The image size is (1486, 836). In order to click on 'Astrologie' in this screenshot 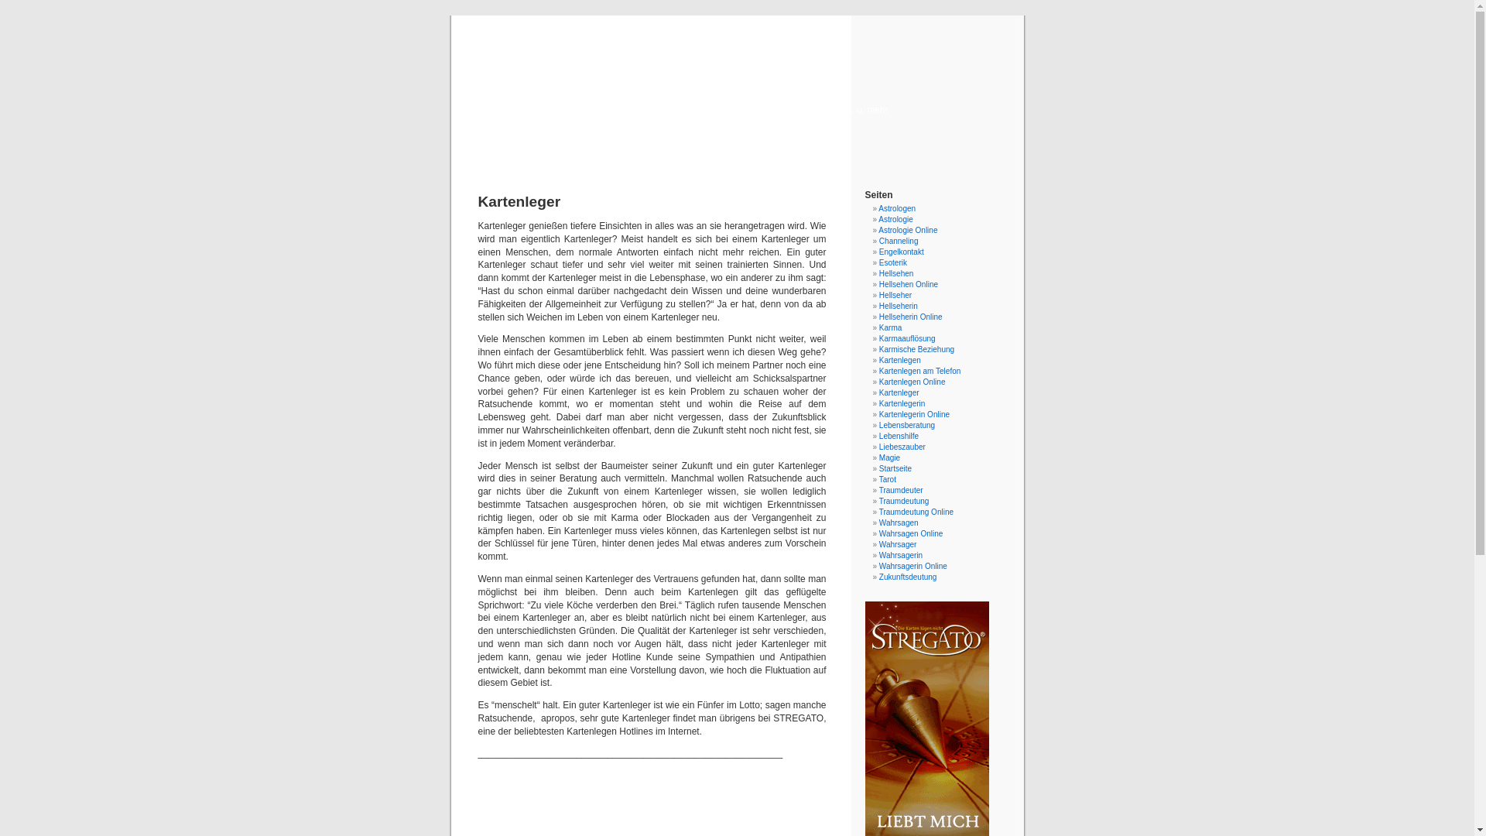, I will do `click(878, 219)`.